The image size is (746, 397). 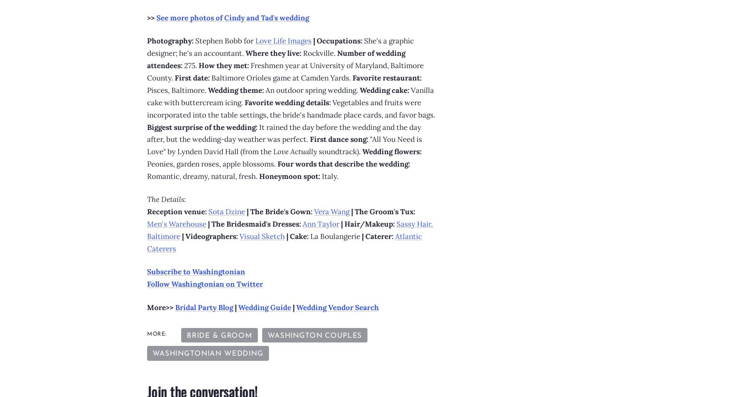 What do you see at coordinates (284, 145) in the screenshot?
I see `'"All You Need is Love" by Lynden David Hall (from the'` at bounding box center [284, 145].